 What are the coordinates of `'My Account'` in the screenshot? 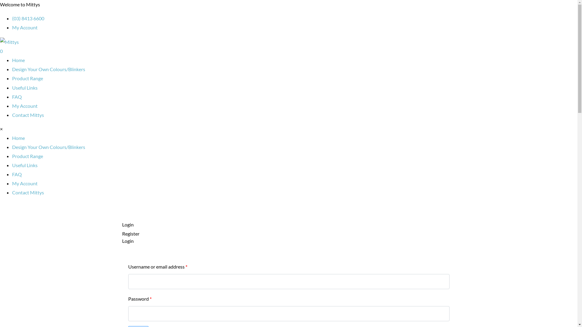 It's located at (24, 183).